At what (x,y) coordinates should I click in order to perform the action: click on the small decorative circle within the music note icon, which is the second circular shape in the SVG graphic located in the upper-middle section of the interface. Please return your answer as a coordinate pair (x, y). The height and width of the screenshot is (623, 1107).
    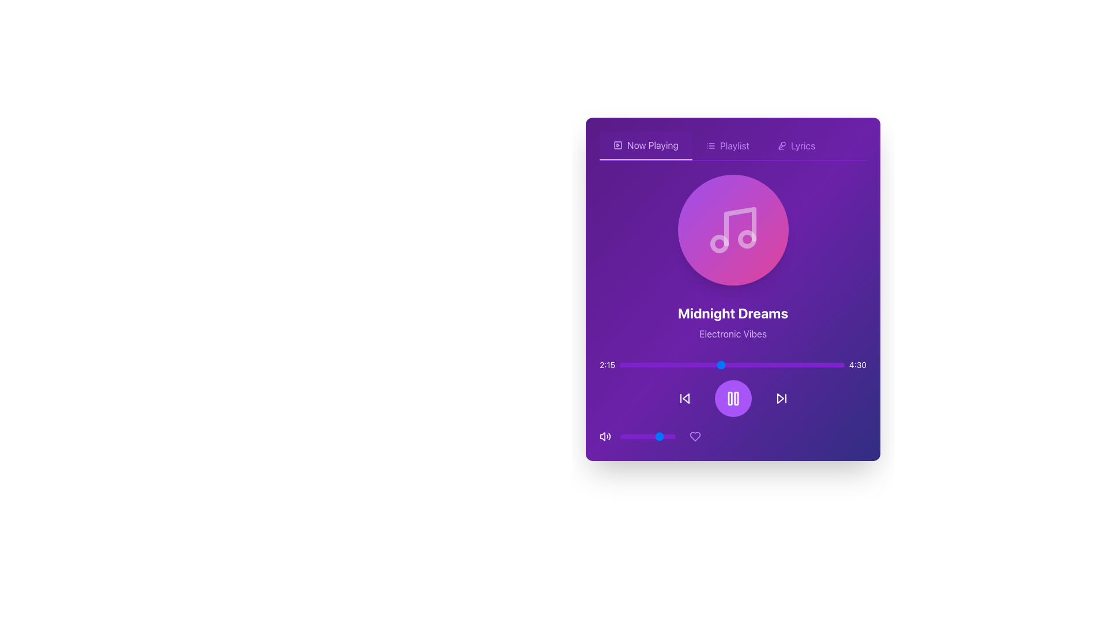
    Looking at the image, I should click on (747, 239).